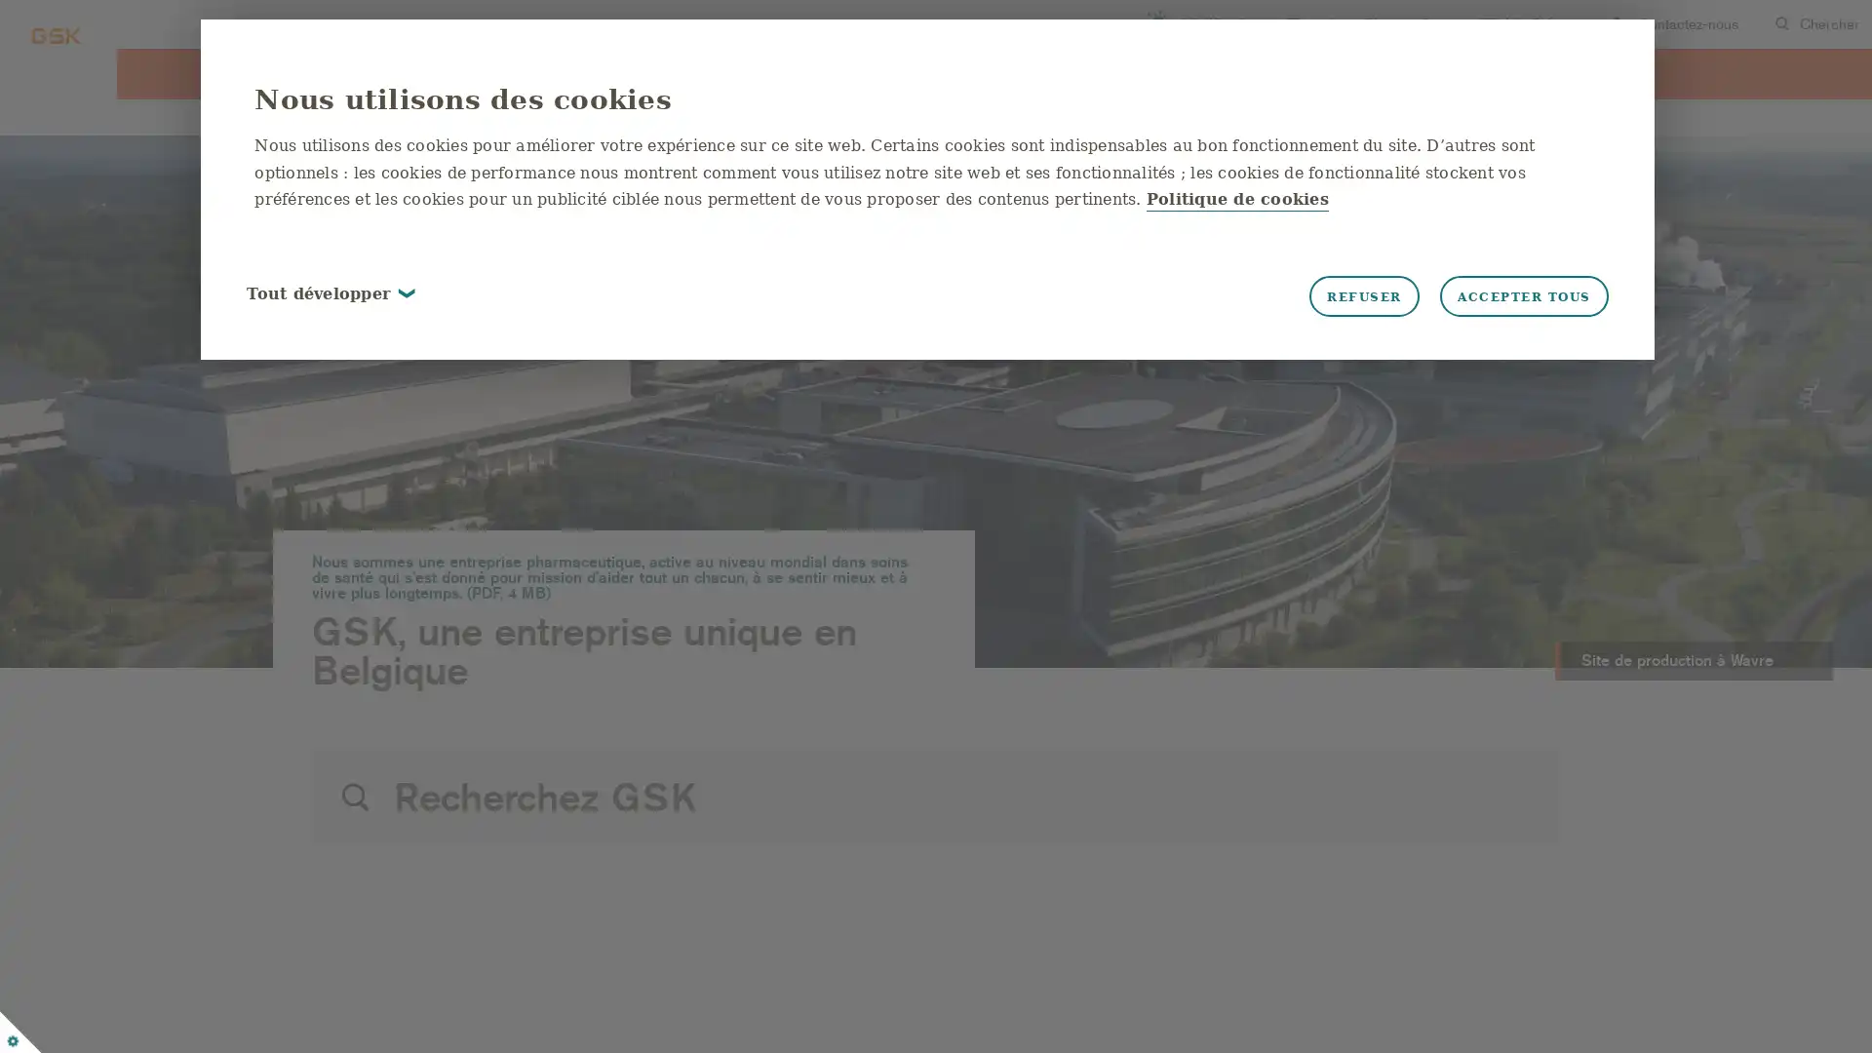 The height and width of the screenshot is (1053, 1872). I want to click on ACCEPTER TOUS, so click(1493, 297).